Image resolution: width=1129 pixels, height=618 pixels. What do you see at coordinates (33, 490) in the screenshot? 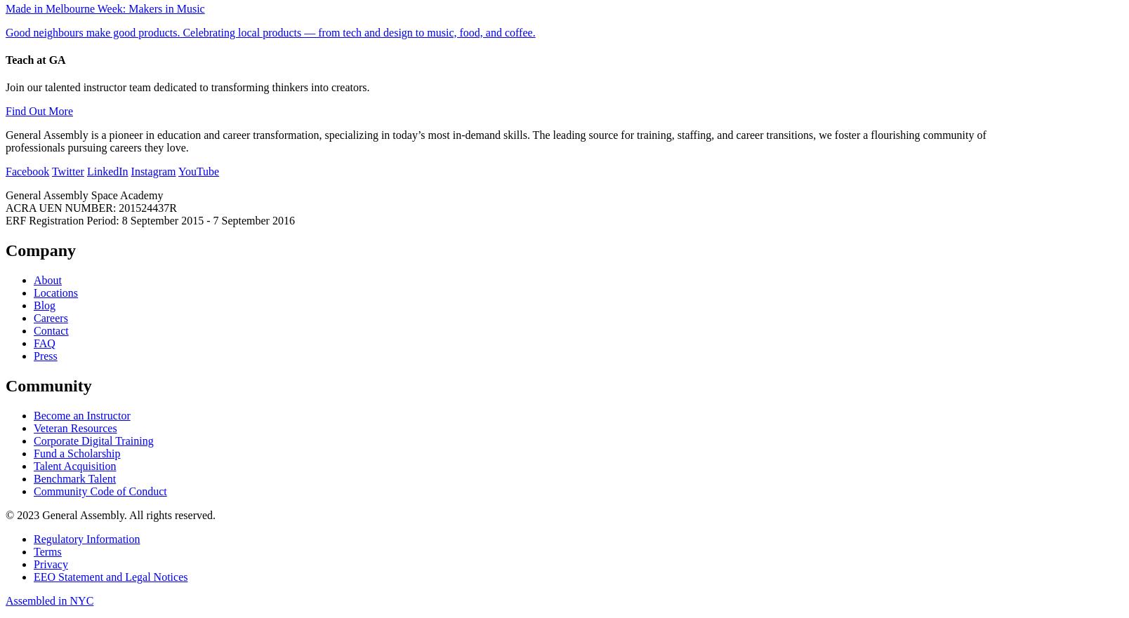
I see `'Community Code of Conduct'` at bounding box center [33, 490].